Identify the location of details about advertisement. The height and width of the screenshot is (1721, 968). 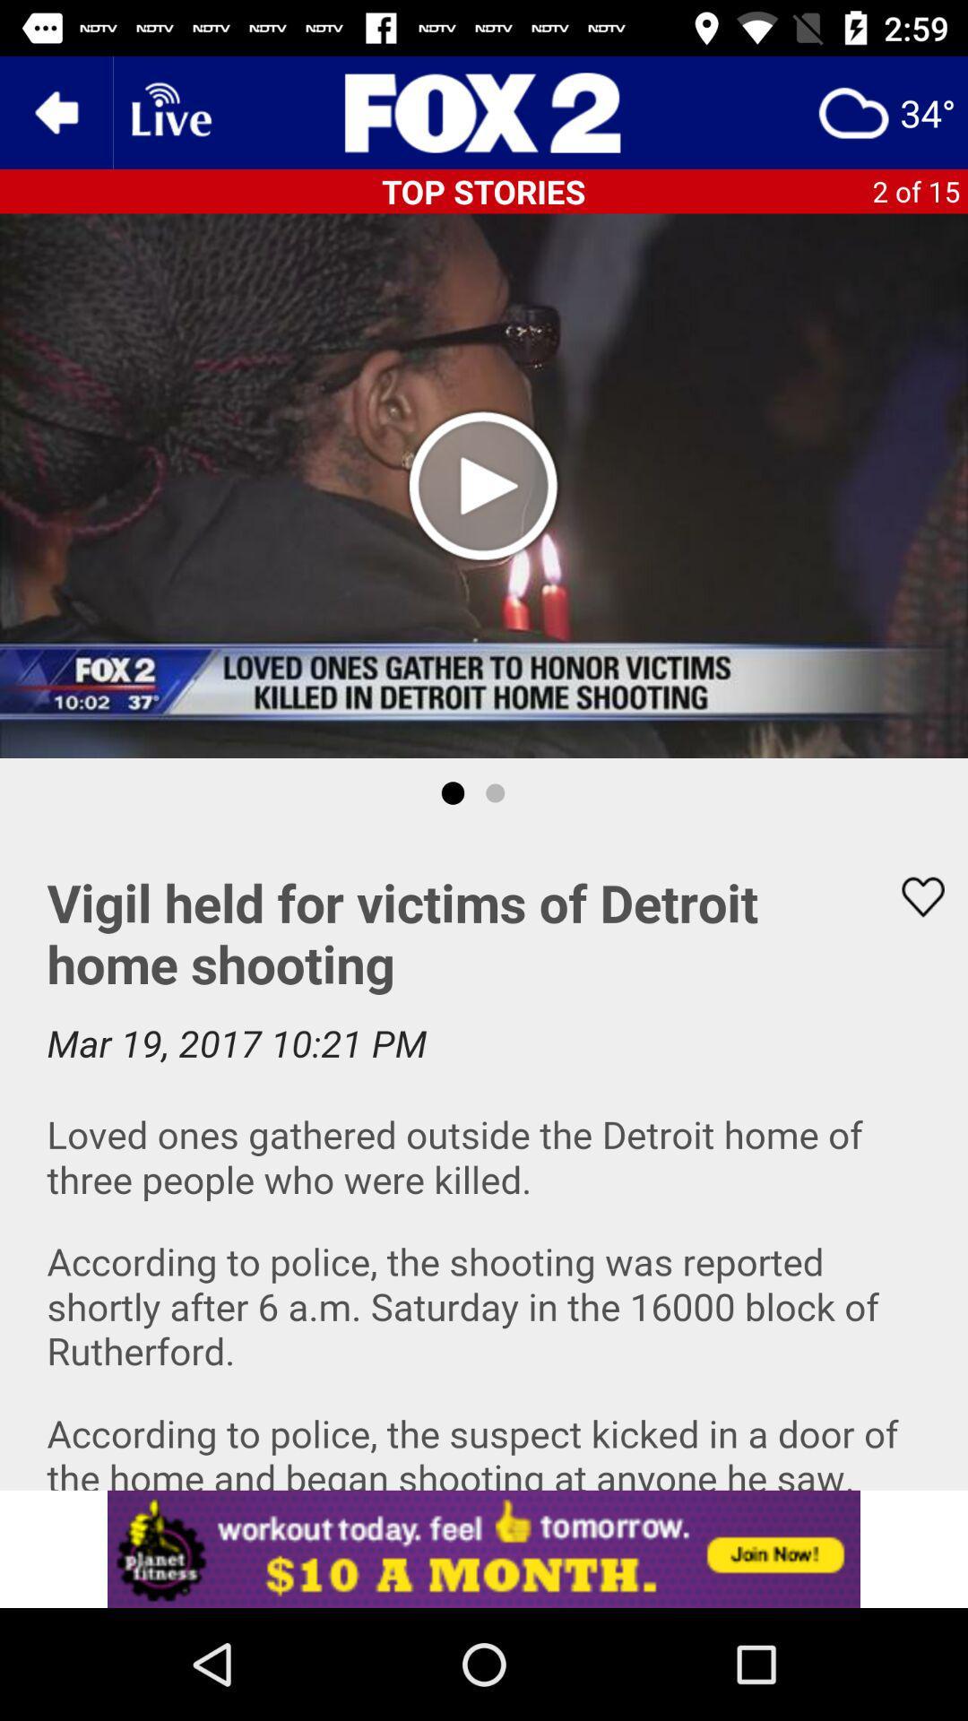
(484, 1548).